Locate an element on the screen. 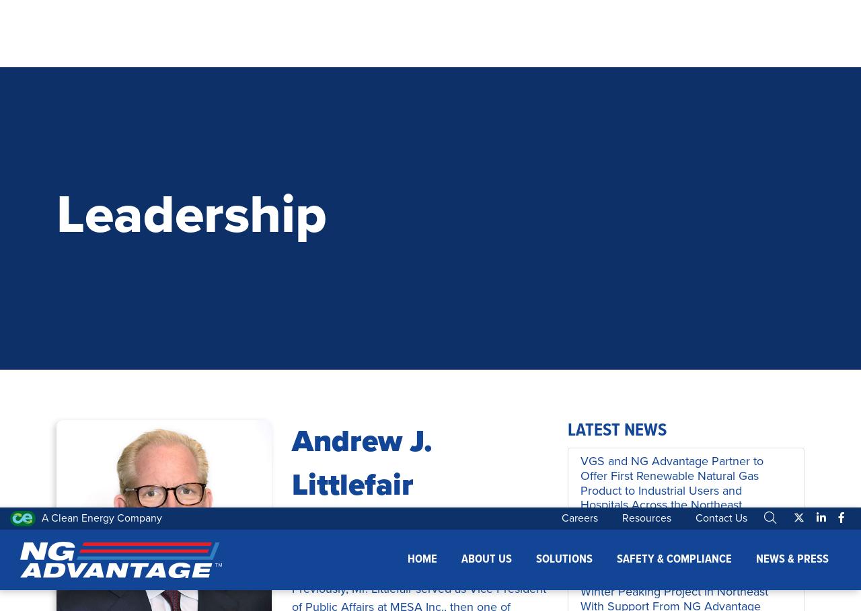 This screenshot has height=611, width=861. 'Home' is located at coordinates (421, 30).